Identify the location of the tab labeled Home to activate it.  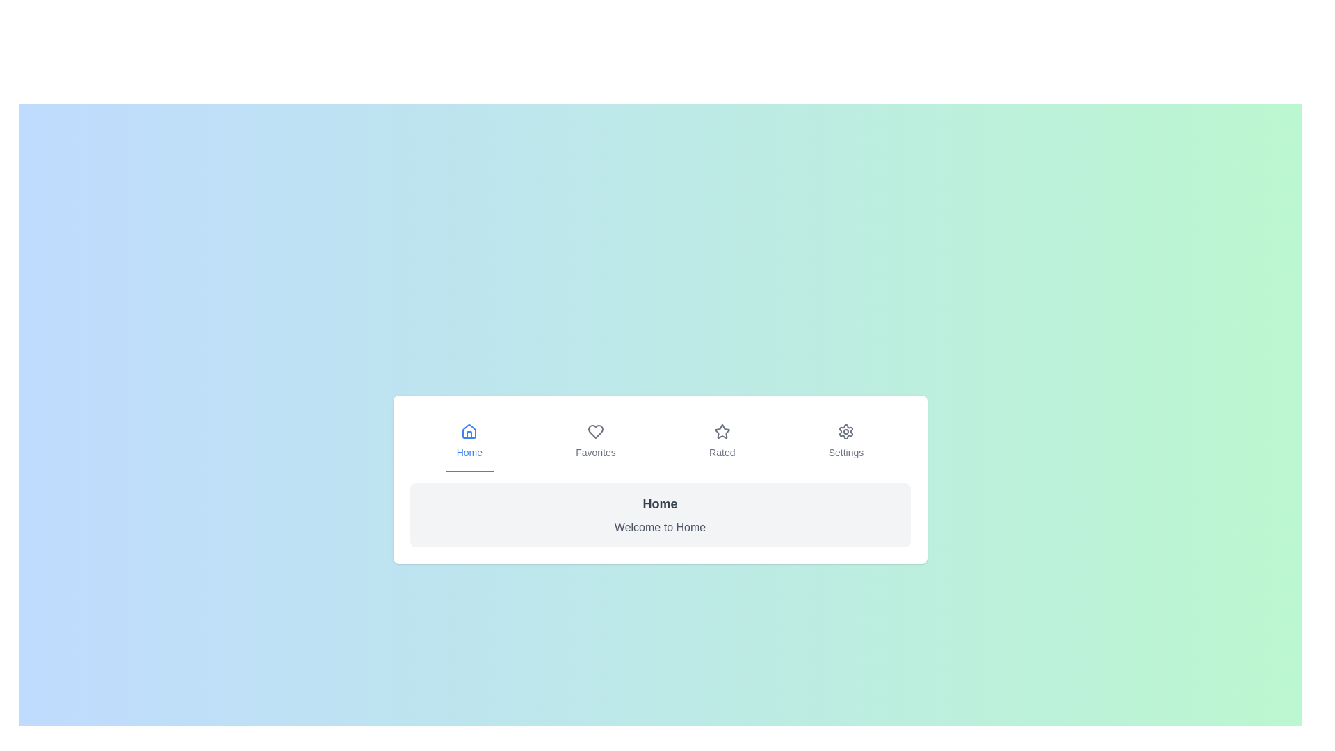
(469, 442).